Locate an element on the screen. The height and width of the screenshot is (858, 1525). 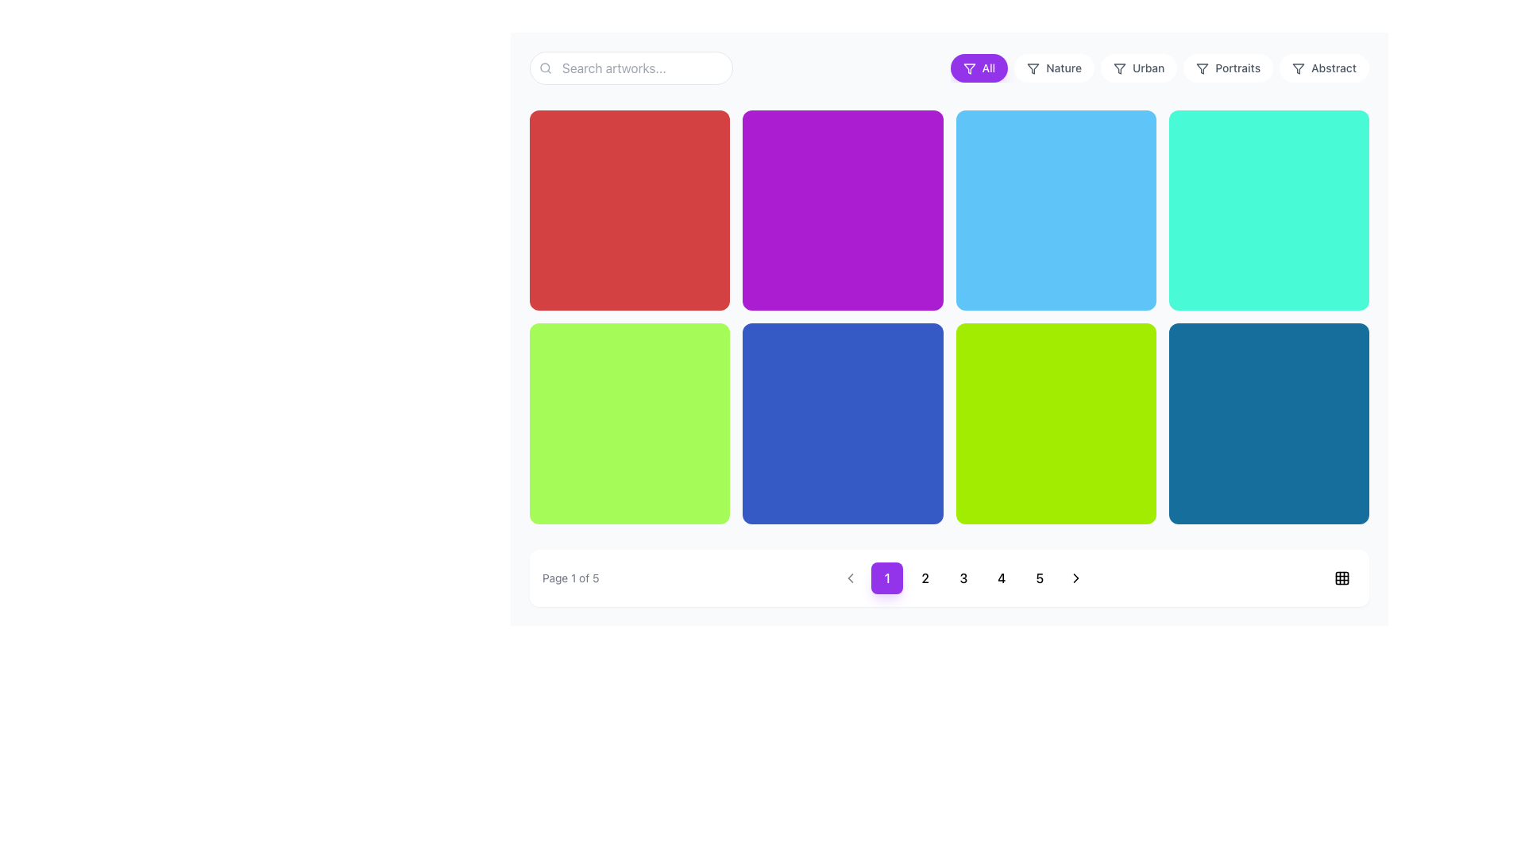
the button that navigates to page 3 of the content set, located in the bottom pagination bar, third from the left, to visually indicate its state is located at coordinates (963, 578).